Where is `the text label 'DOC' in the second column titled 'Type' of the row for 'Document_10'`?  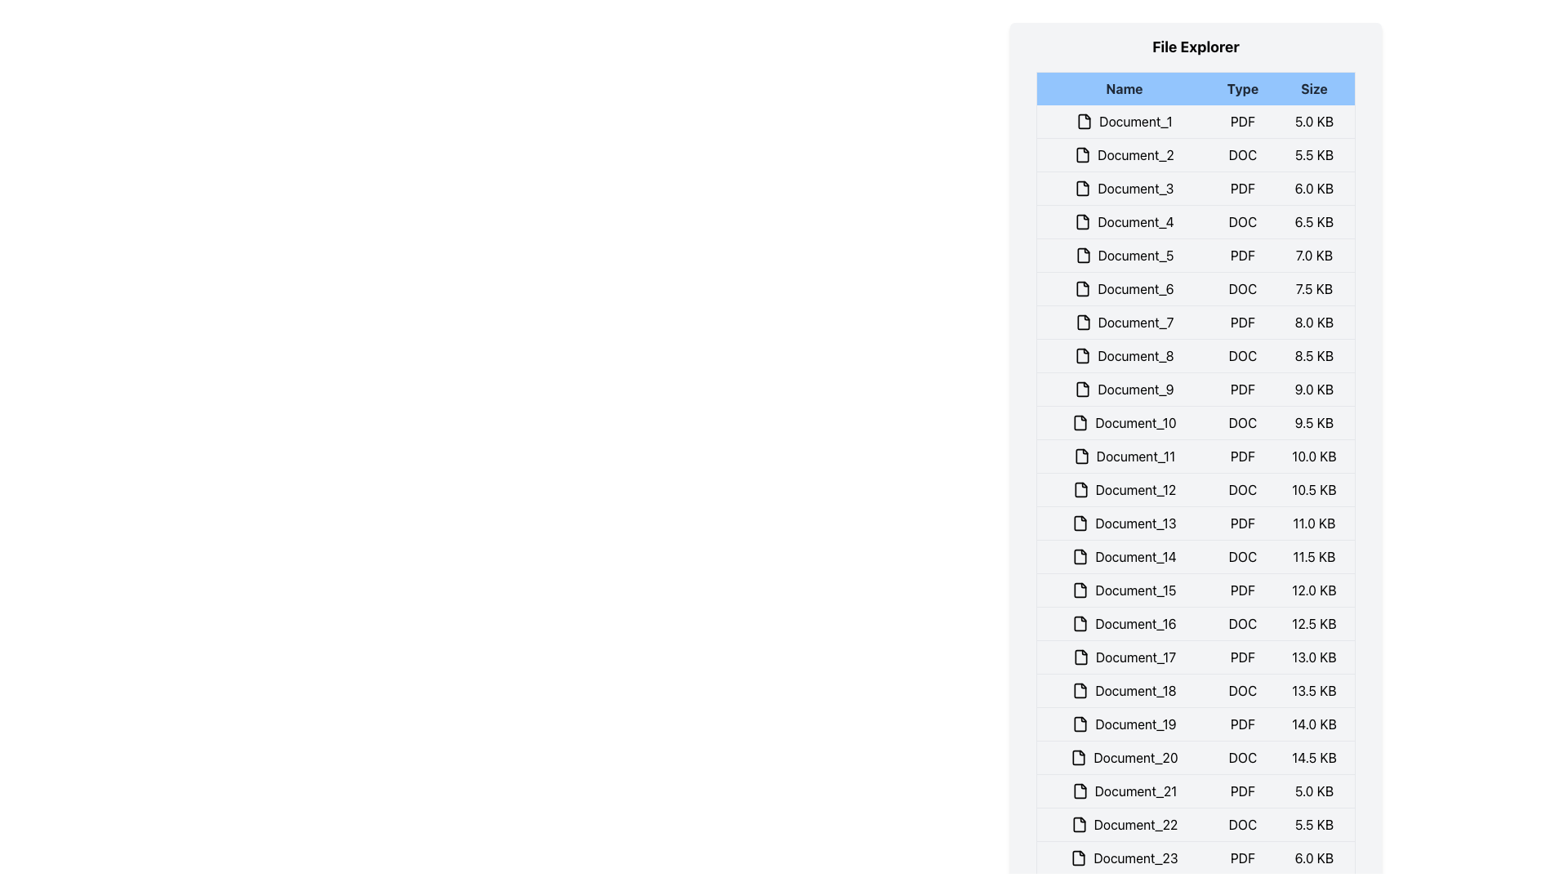 the text label 'DOC' in the second column titled 'Type' of the row for 'Document_10' is located at coordinates (1241, 421).